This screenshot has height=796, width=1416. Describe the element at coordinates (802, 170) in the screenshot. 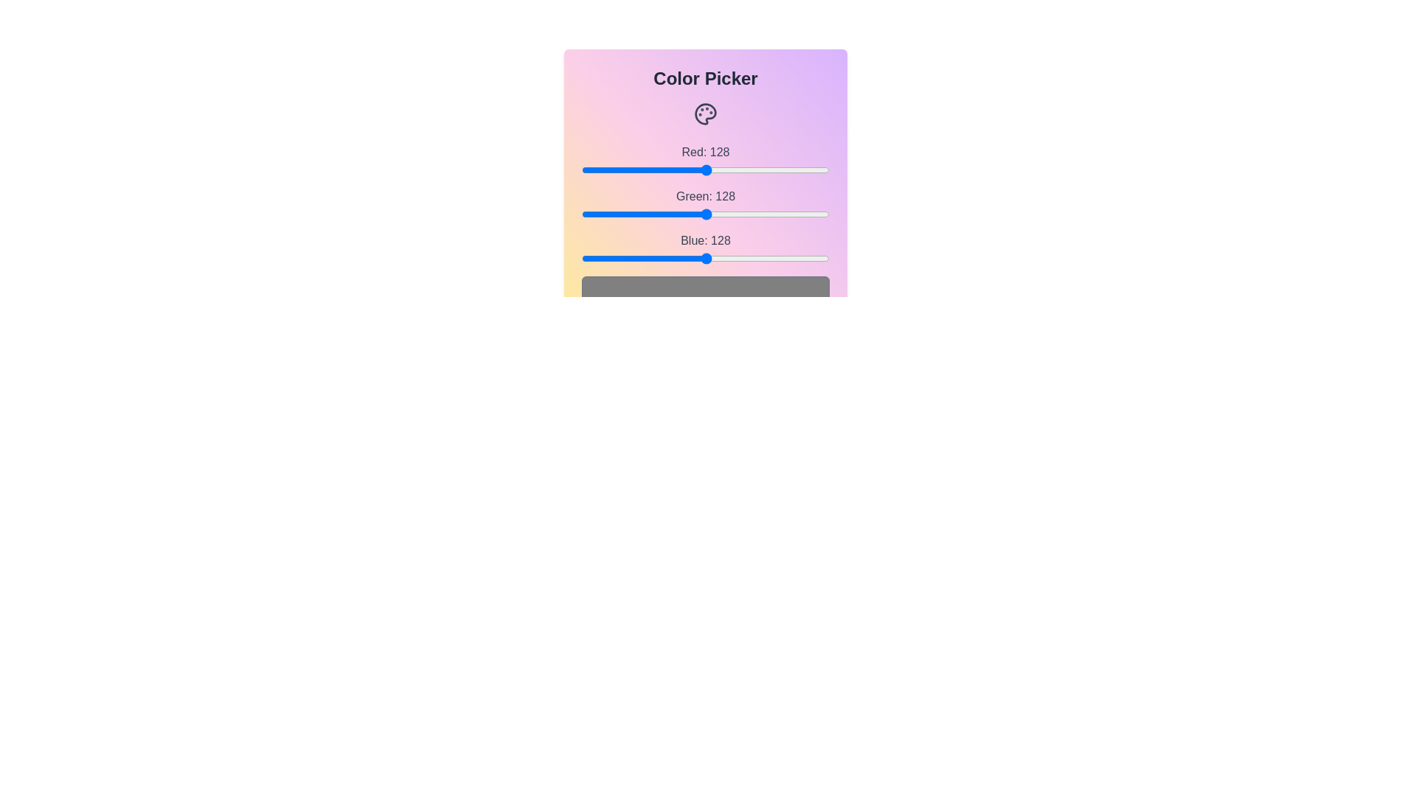

I see `the red slider to set the red channel to 227` at that location.